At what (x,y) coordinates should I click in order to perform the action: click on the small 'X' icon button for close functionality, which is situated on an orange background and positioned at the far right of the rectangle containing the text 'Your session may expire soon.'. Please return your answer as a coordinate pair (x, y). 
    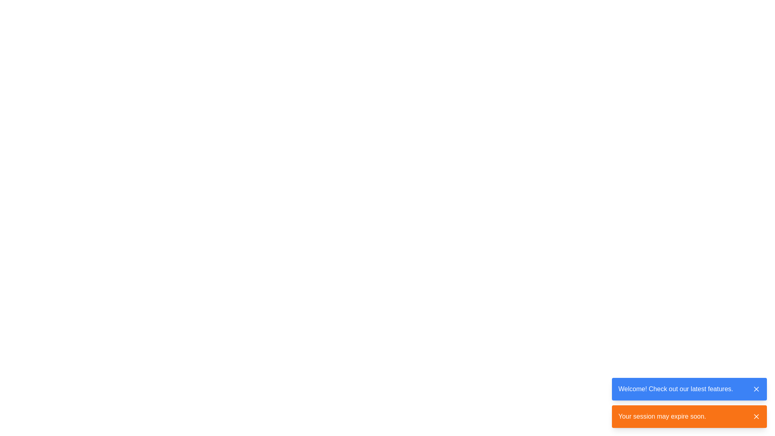
    Looking at the image, I should click on (756, 417).